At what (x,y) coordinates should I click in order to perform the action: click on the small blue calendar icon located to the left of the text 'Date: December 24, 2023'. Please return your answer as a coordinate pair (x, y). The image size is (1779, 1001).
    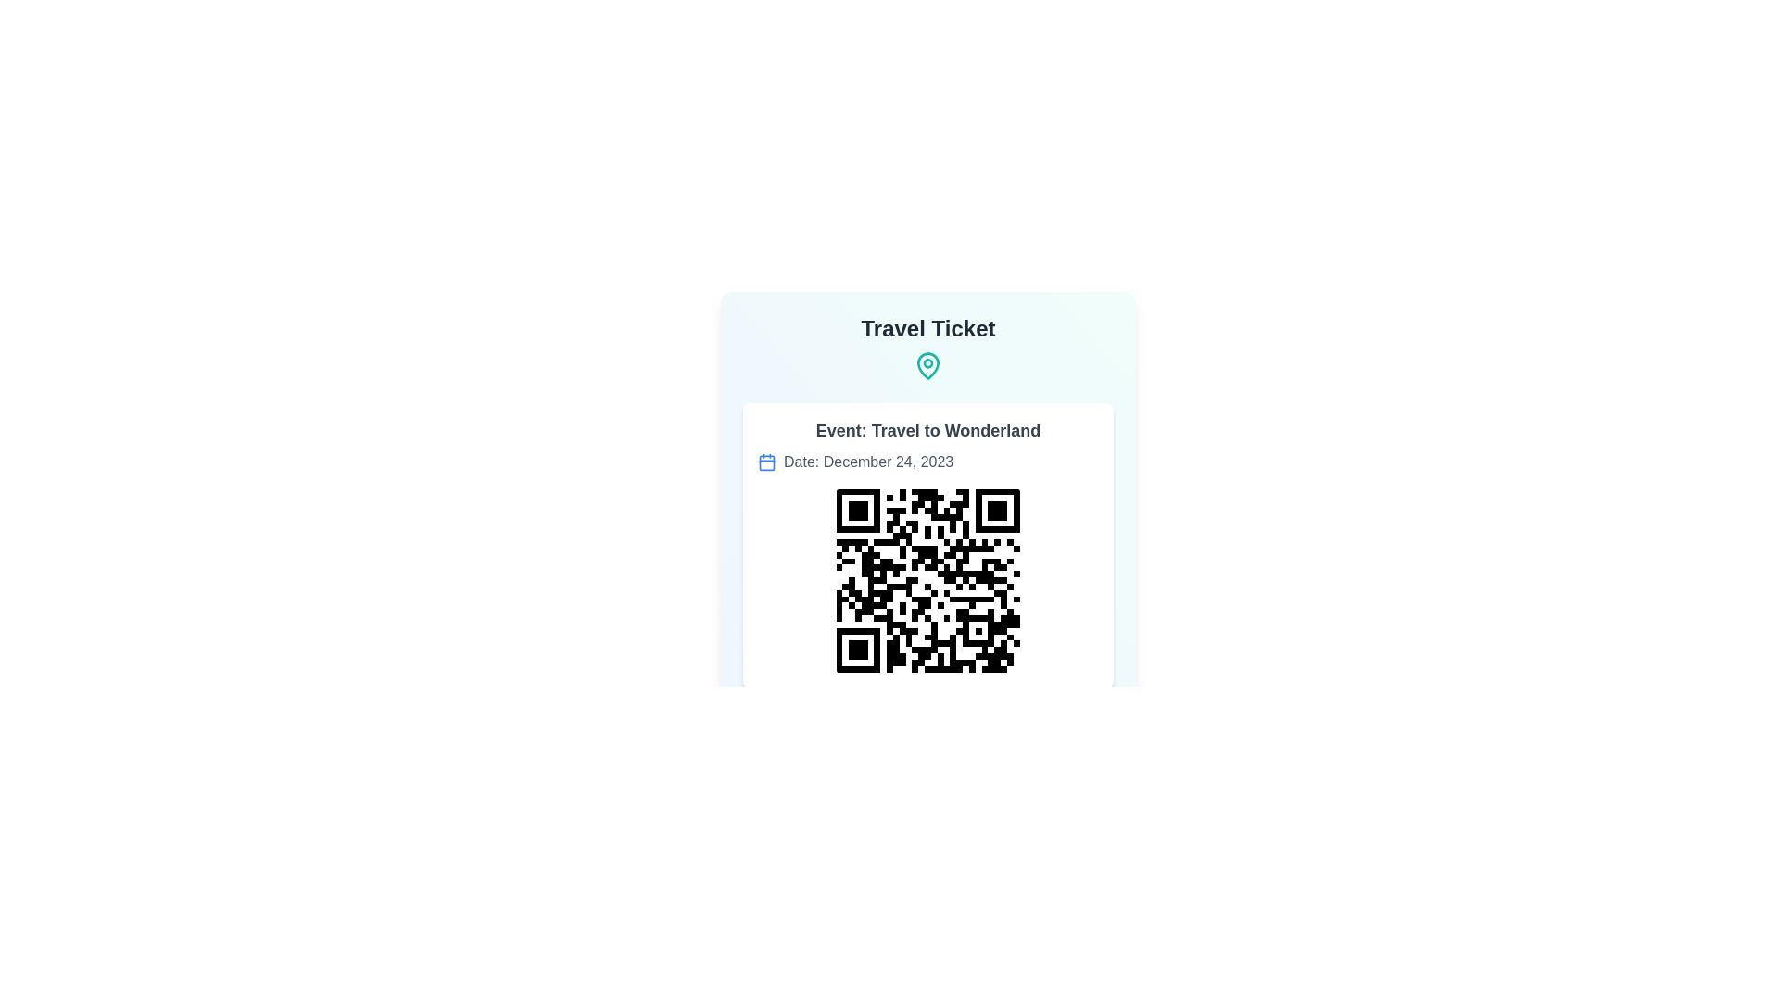
    Looking at the image, I should click on (767, 461).